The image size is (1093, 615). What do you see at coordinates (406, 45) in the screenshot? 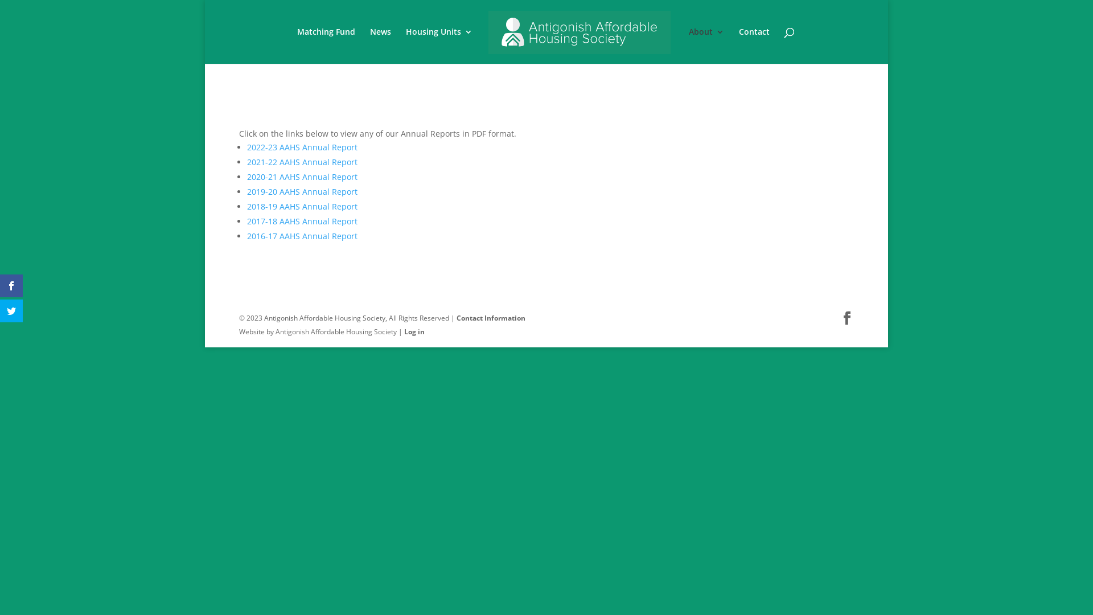
I see `'Housing Units'` at bounding box center [406, 45].